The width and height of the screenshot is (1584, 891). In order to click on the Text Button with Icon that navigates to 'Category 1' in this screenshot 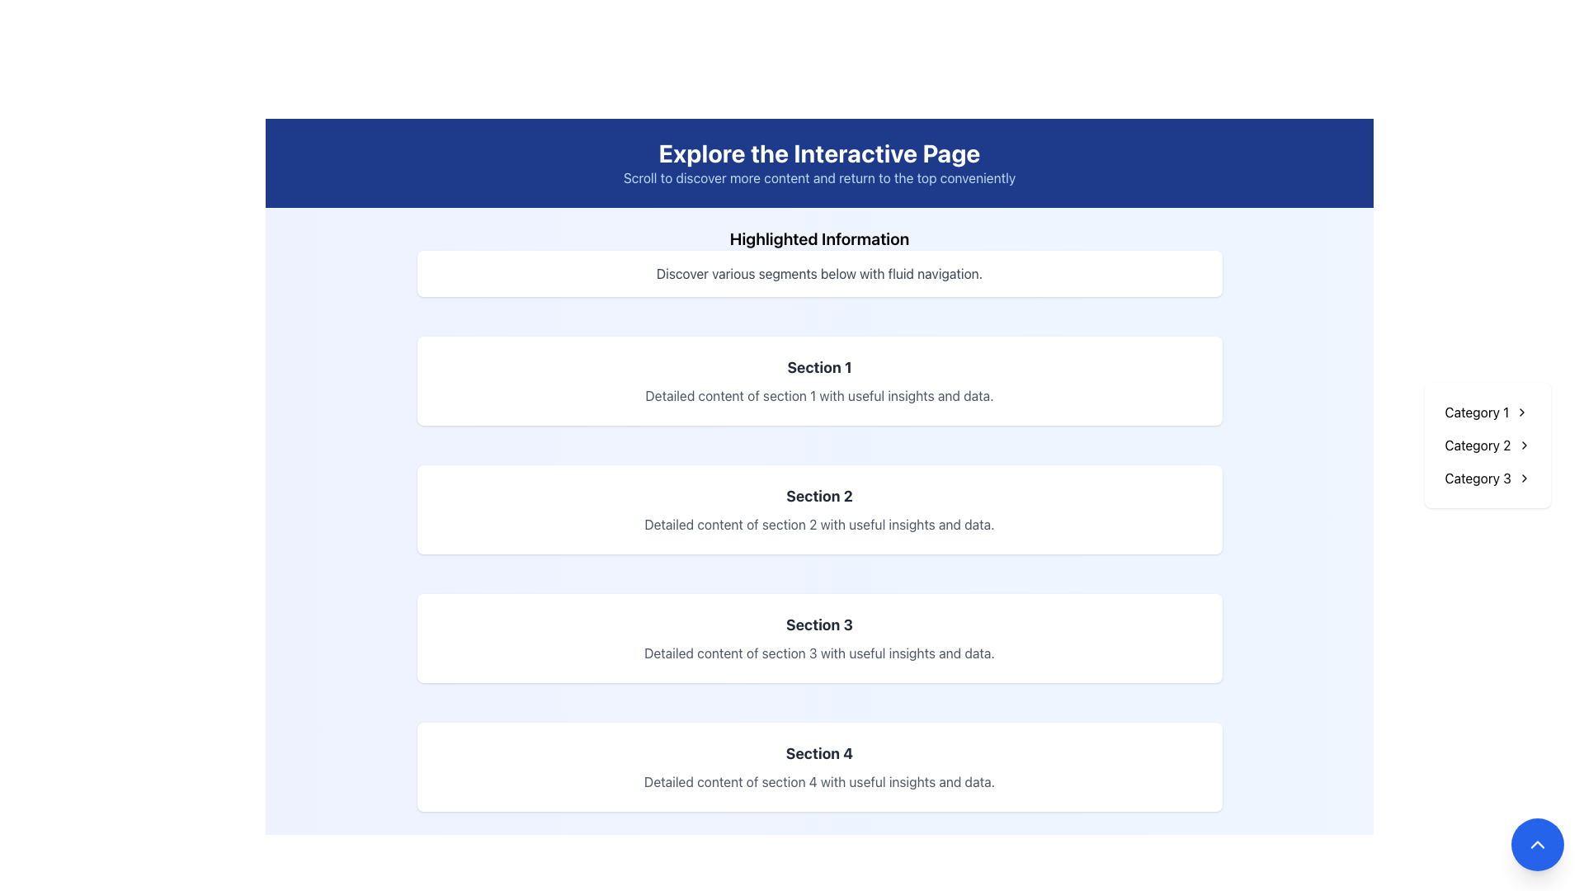, I will do `click(1487, 412)`.